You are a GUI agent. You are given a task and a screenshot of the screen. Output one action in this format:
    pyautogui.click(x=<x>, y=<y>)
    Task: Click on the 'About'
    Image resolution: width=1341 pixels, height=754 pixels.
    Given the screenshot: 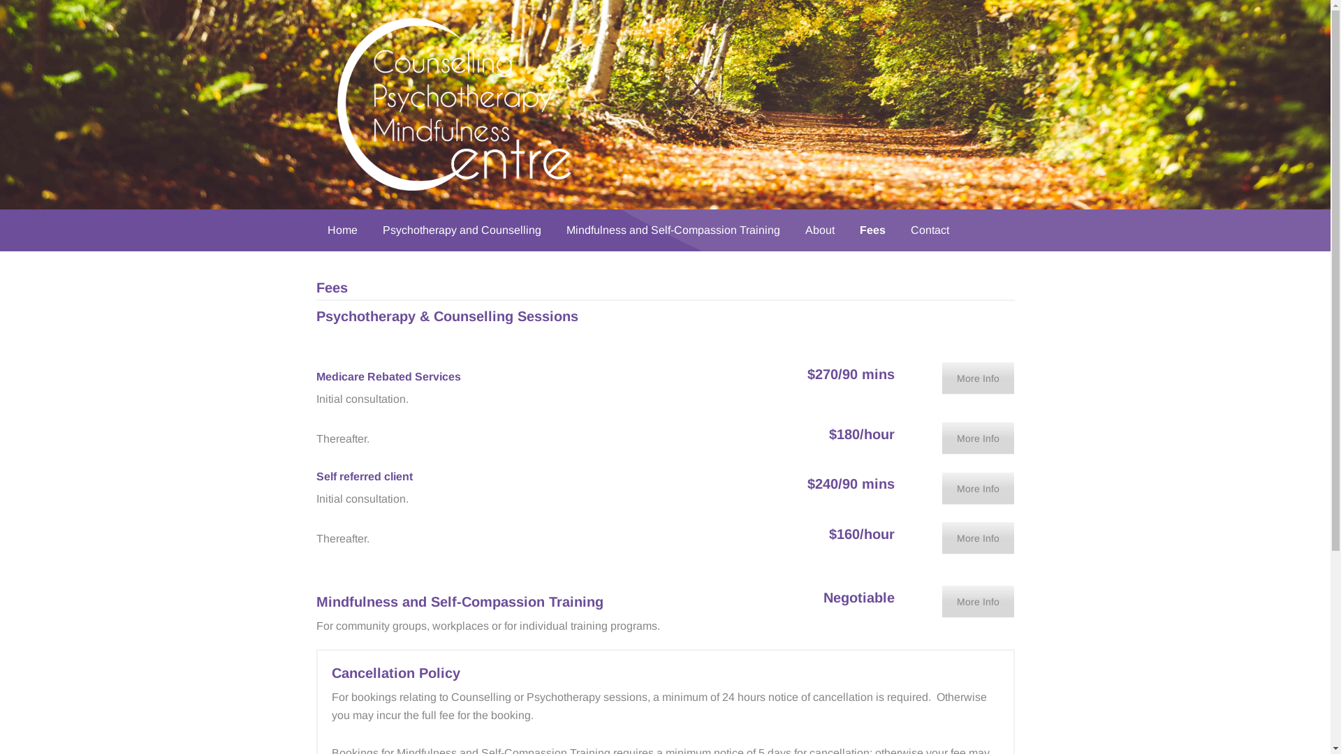 What is the action you would take?
    pyautogui.click(x=793, y=230)
    